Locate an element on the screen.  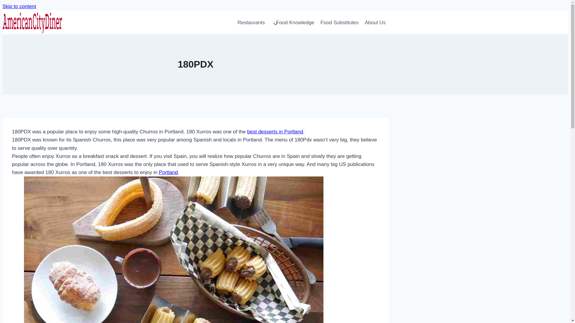
'Portland' is located at coordinates (168, 172).